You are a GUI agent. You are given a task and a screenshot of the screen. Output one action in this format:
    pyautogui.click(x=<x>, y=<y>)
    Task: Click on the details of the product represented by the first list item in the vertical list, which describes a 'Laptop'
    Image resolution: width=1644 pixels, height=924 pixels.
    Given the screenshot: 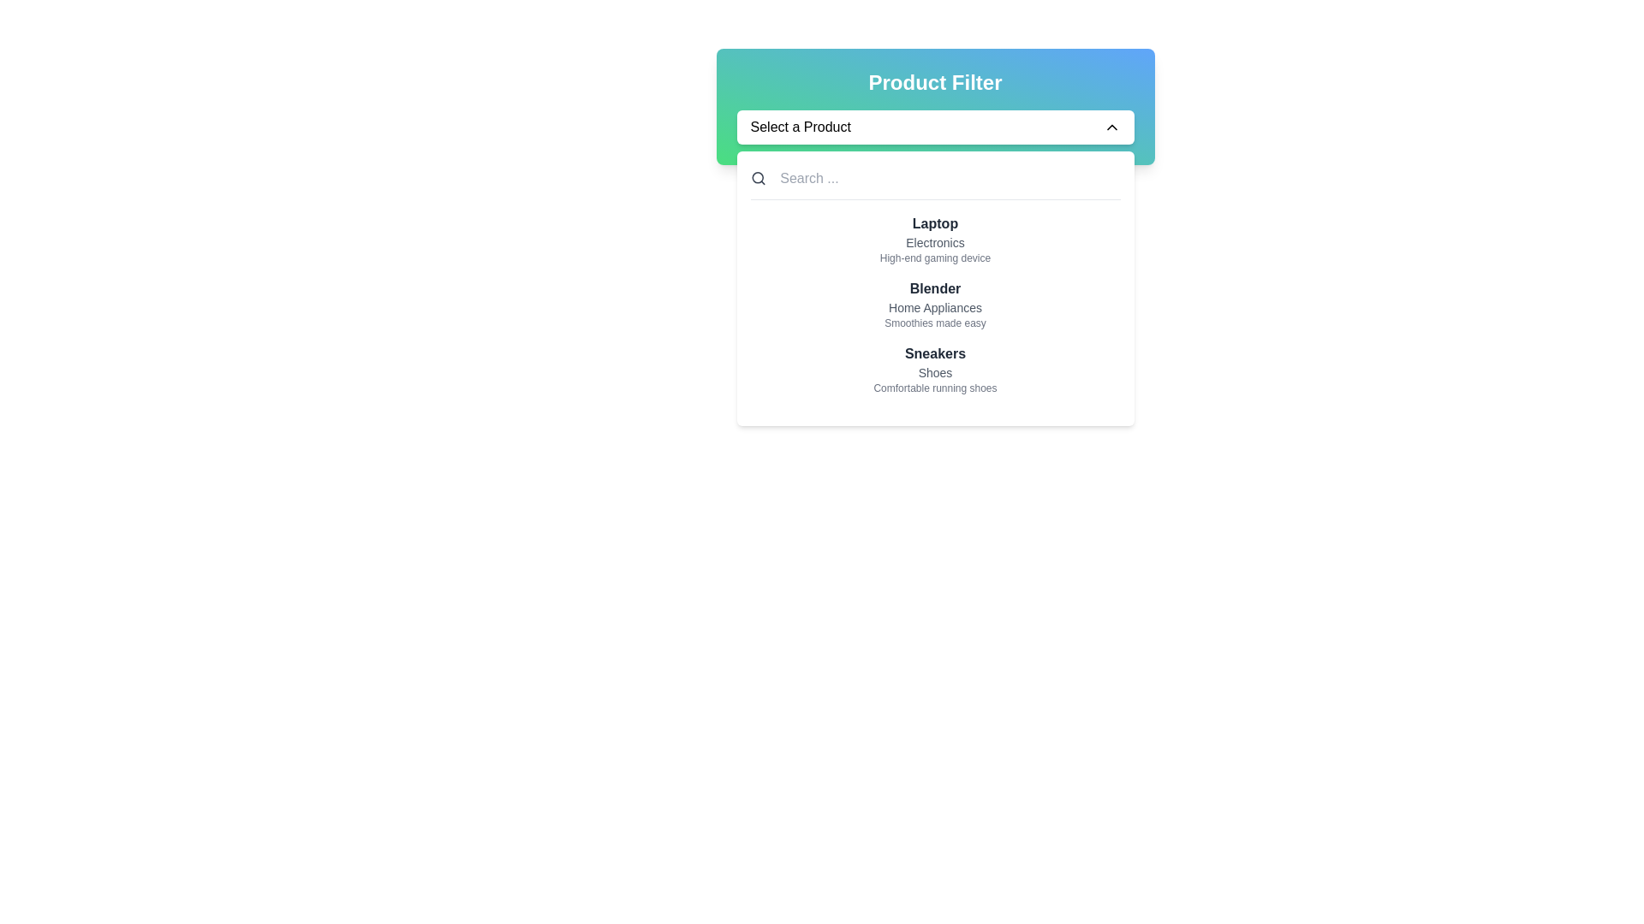 What is the action you would take?
    pyautogui.click(x=934, y=240)
    